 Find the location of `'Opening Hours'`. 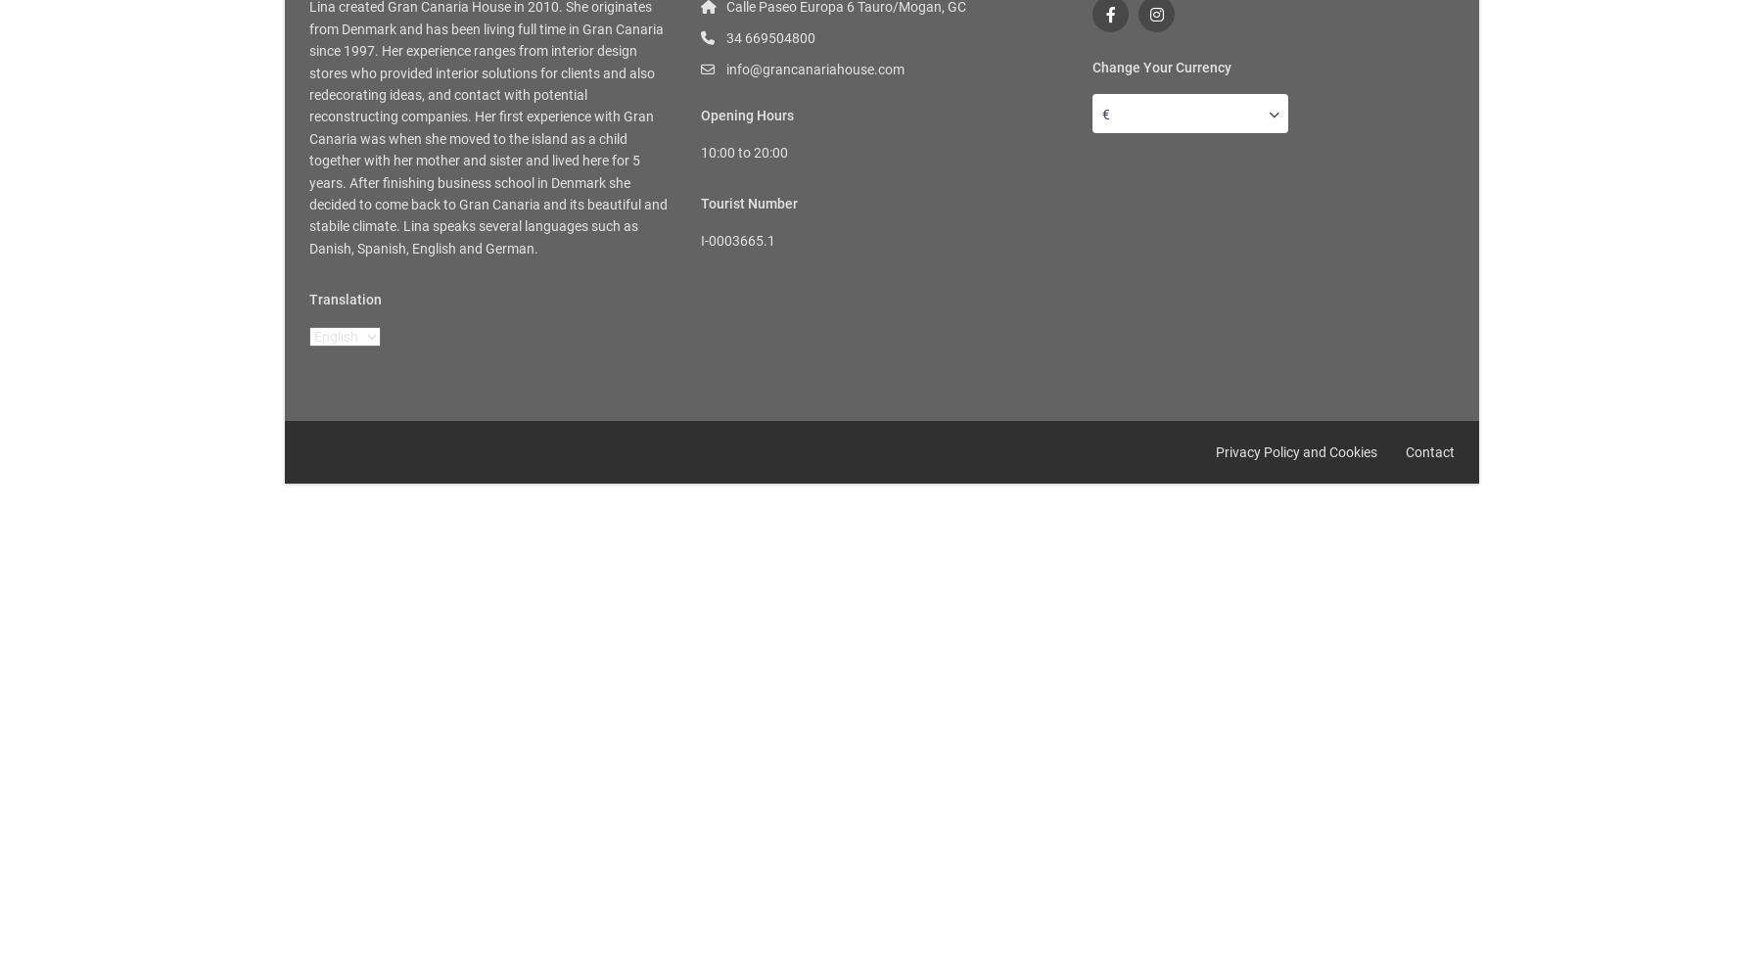

'Opening Hours' is located at coordinates (746, 115).